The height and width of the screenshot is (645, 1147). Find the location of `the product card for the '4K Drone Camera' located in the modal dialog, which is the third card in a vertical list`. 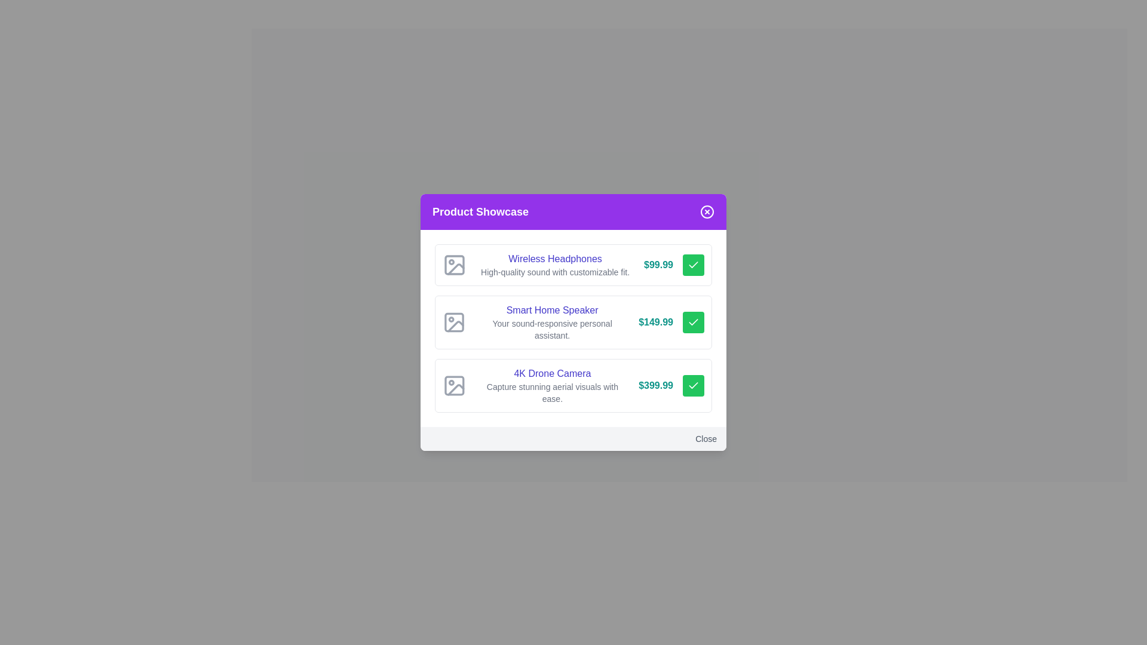

the product card for the '4K Drone Camera' located in the modal dialog, which is the third card in a vertical list is located at coordinates (573, 385).